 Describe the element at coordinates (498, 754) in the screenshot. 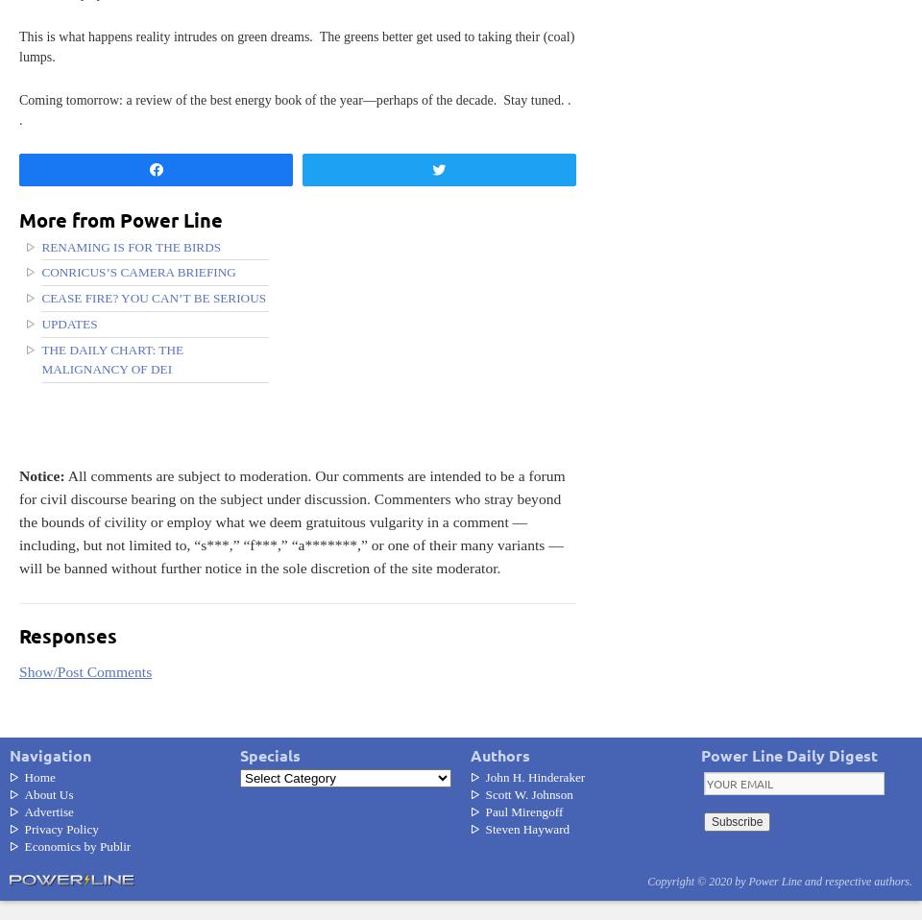

I see `'Authors'` at that location.